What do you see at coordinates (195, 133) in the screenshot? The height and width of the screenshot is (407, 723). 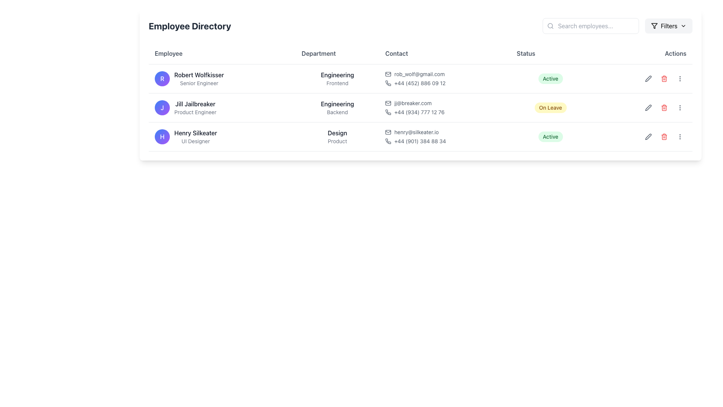 I see `the text label displaying 'Henry Silkeater' in the 'Employee Directory' under the 'Employee' column` at bounding box center [195, 133].